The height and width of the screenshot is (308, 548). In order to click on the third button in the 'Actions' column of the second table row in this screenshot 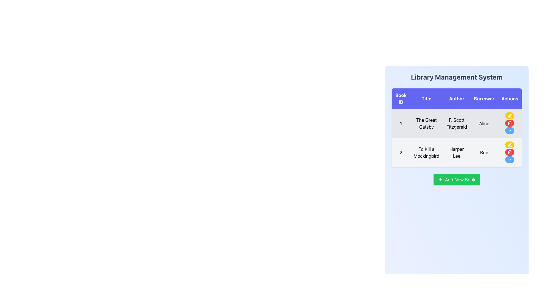, I will do `click(510, 159)`.